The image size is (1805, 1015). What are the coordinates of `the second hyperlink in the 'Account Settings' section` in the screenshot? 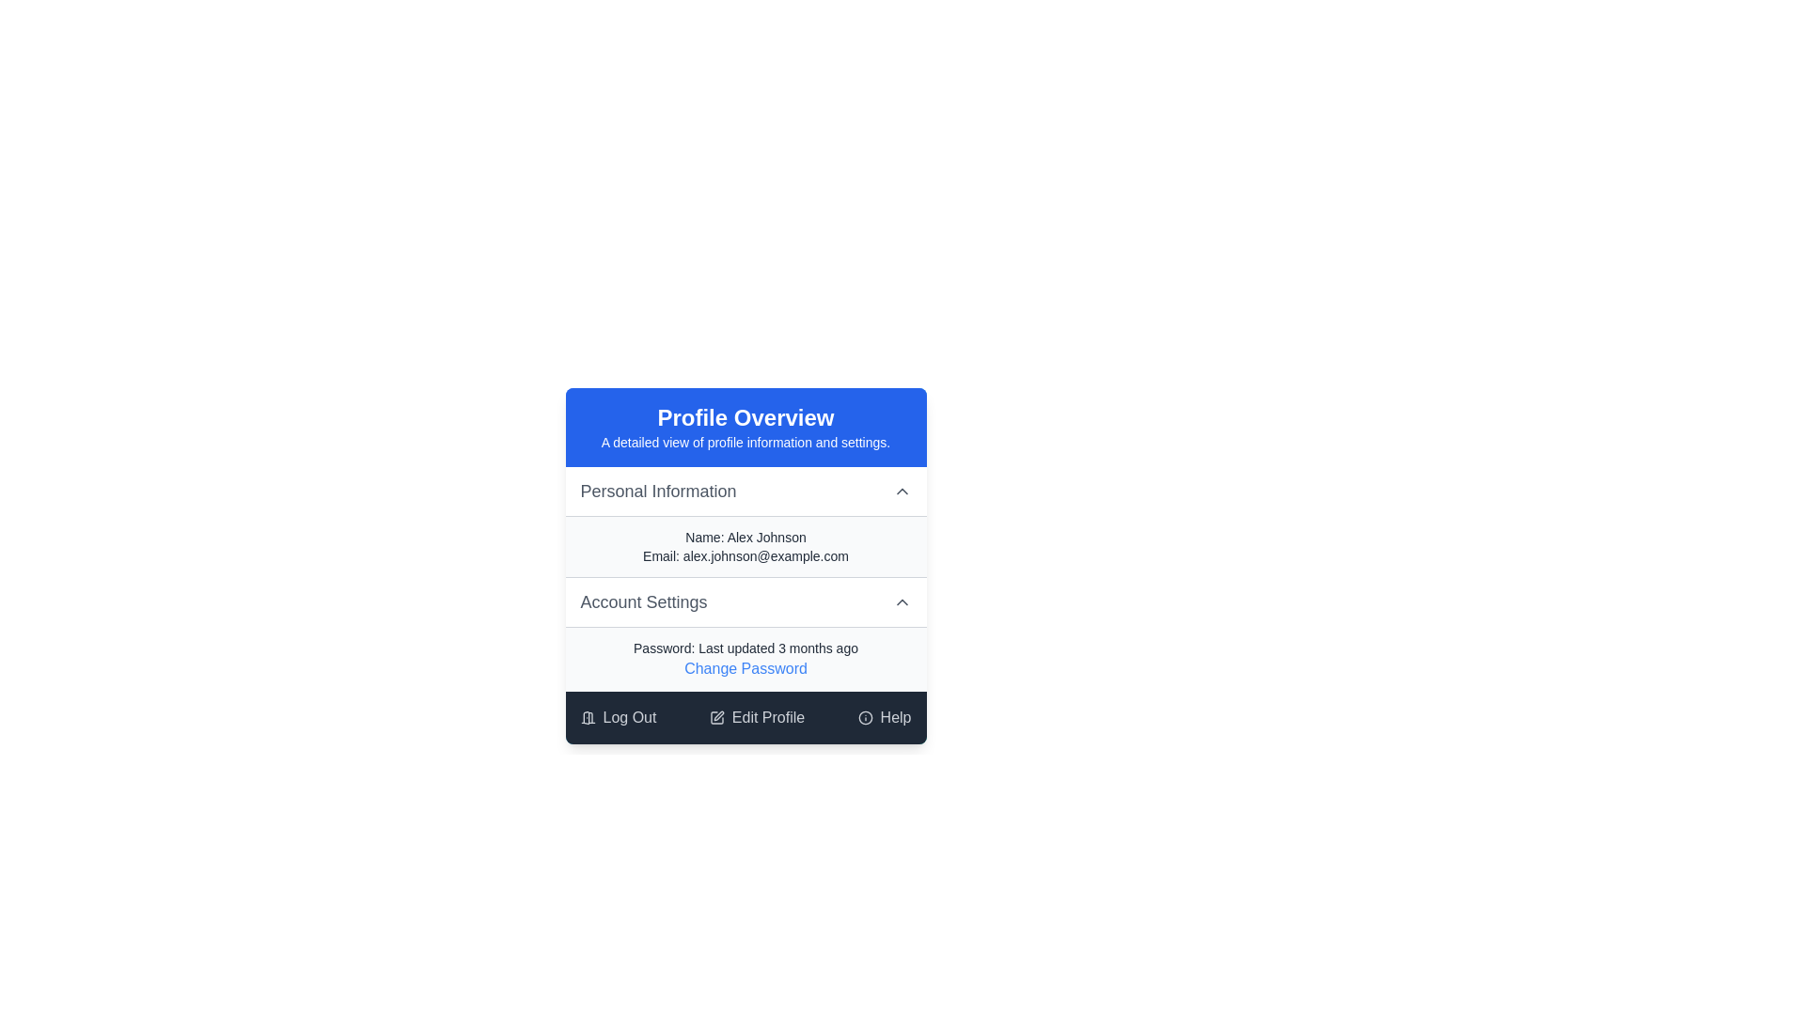 It's located at (745, 668).